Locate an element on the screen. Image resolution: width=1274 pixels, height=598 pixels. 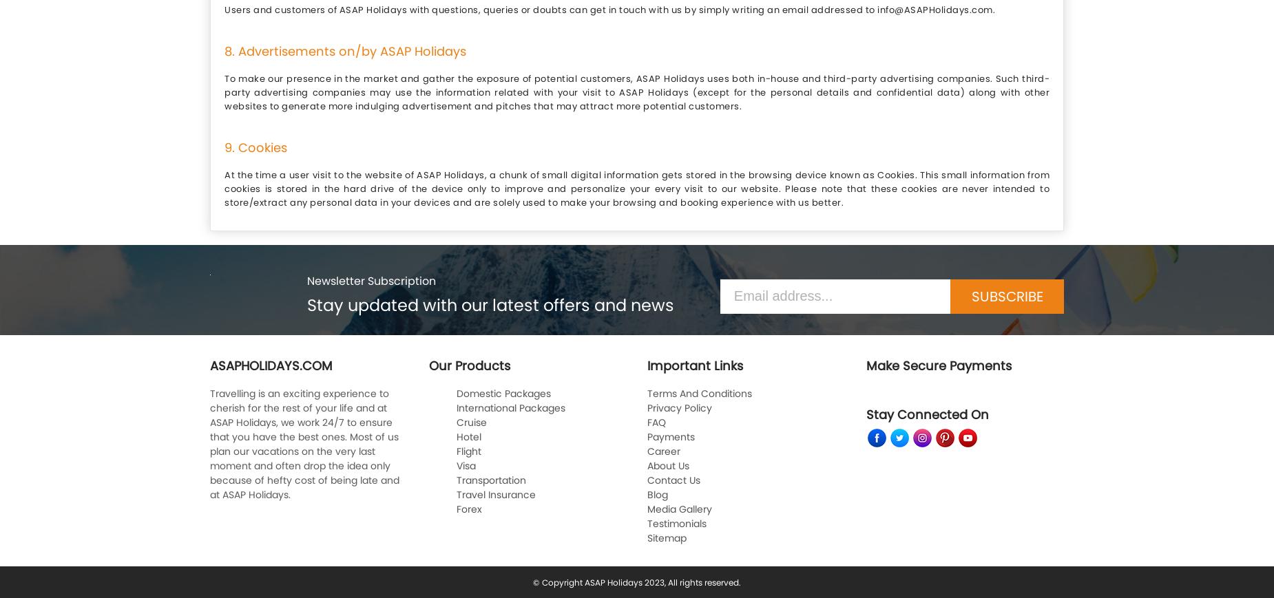
'About Us' is located at coordinates (667, 464).